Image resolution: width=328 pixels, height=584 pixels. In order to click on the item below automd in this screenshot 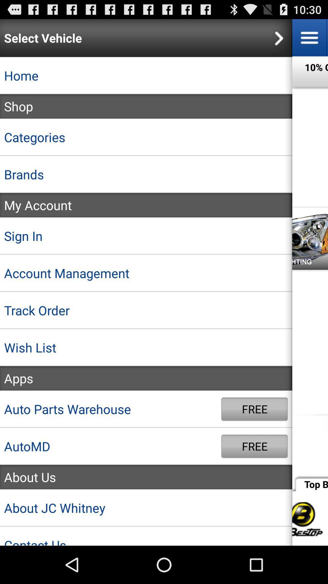, I will do `click(146, 477)`.